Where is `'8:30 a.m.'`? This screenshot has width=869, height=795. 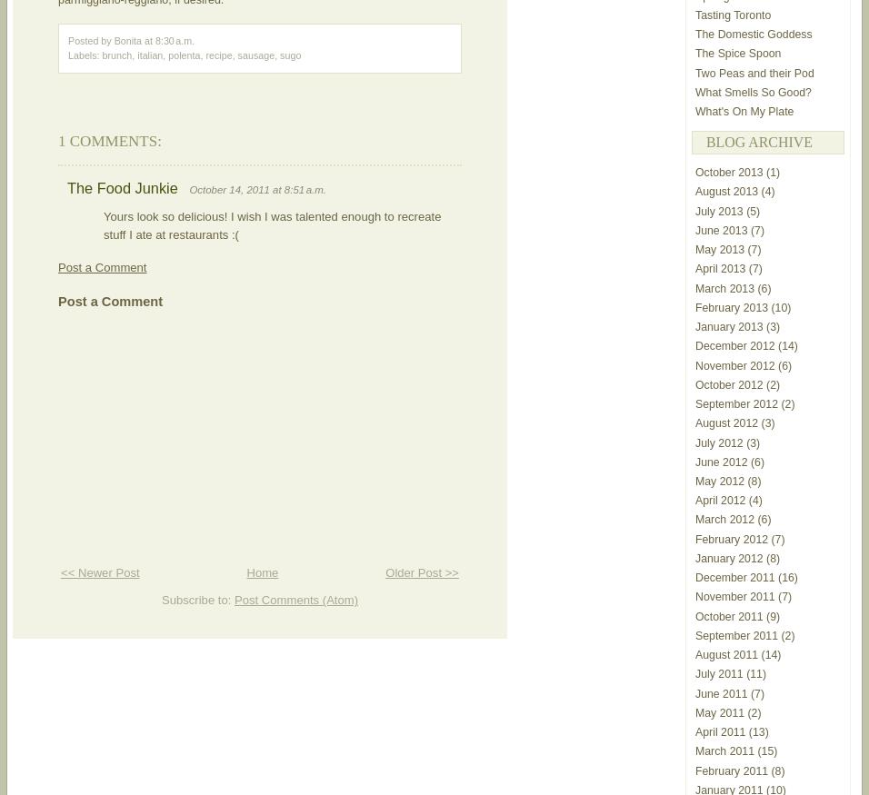 '8:30 a.m.' is located at coordinates (174, 39).